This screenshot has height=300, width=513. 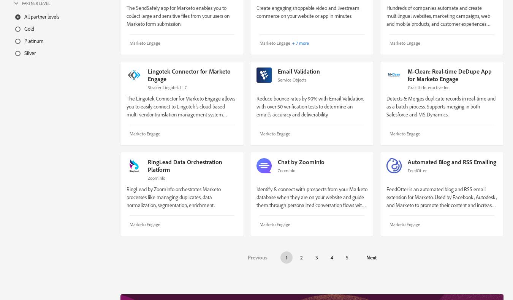 What do you see at coordinates (345, 257) in the screenshot?
I see `'5'` at bounding box center [345, 257].